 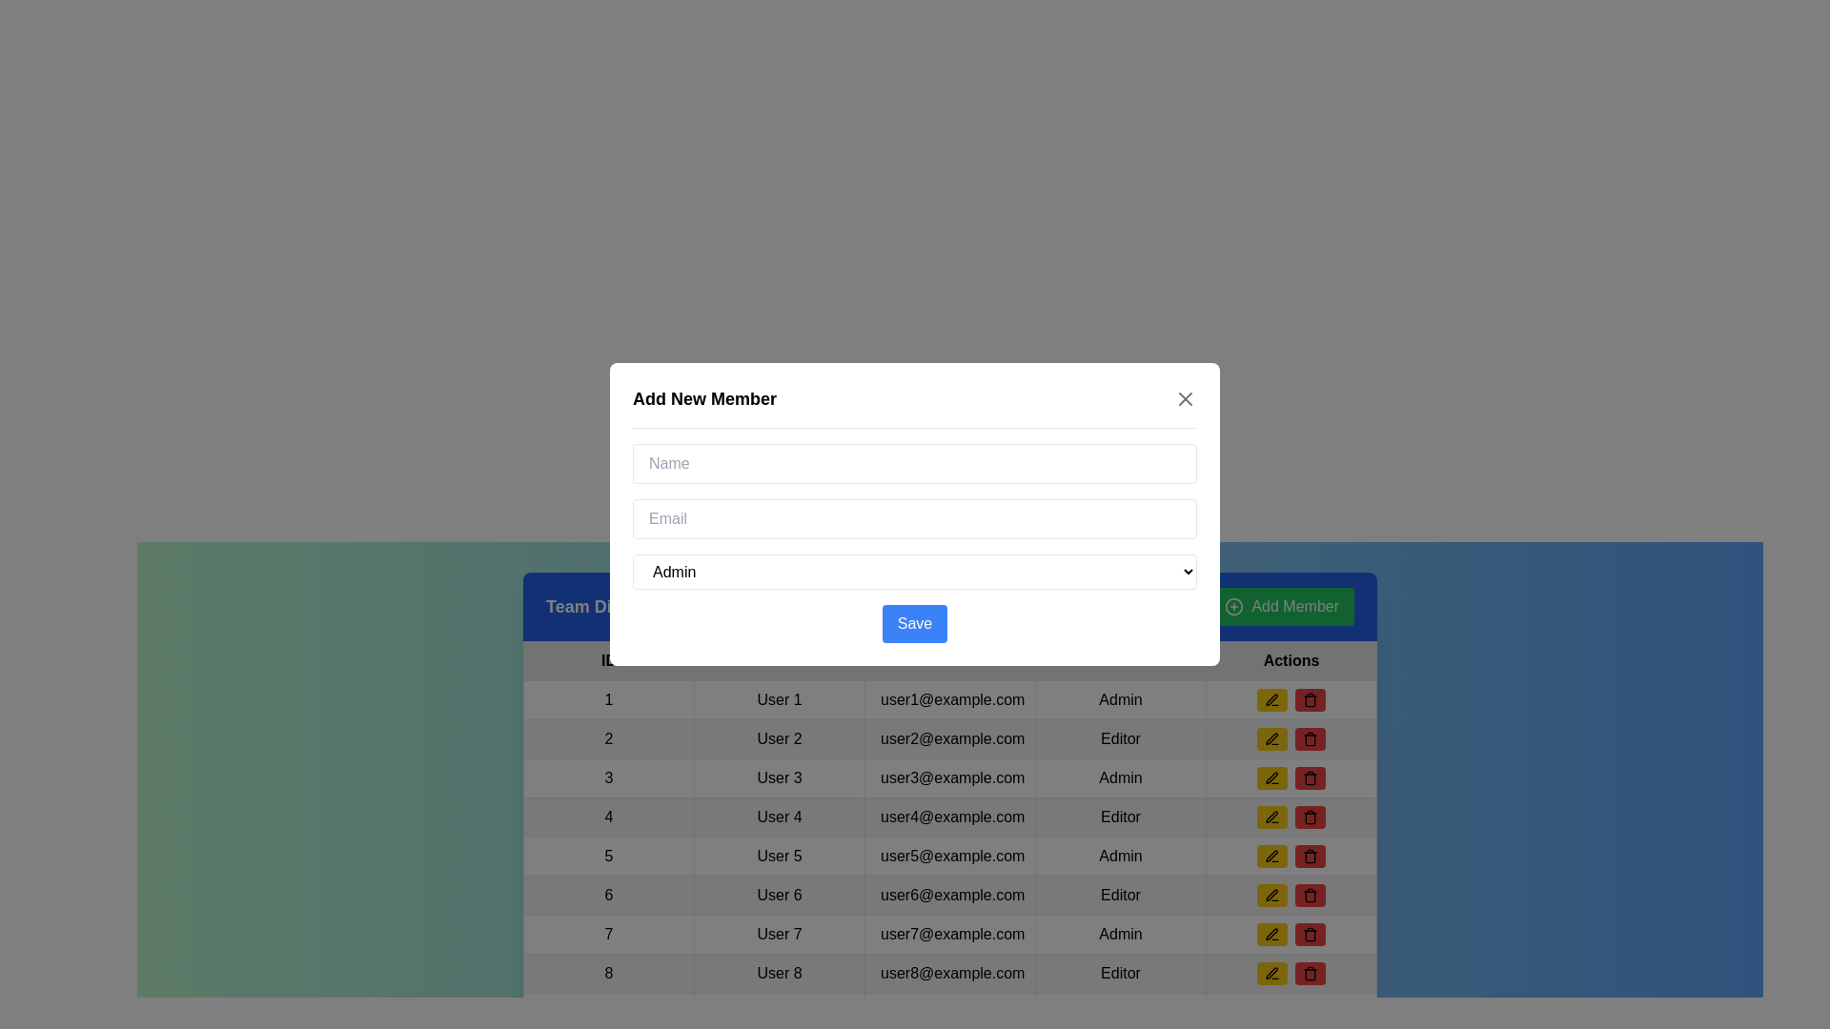 I want to click on the edit button for the user 'user6@example.com', so click(x=1271, y=896).